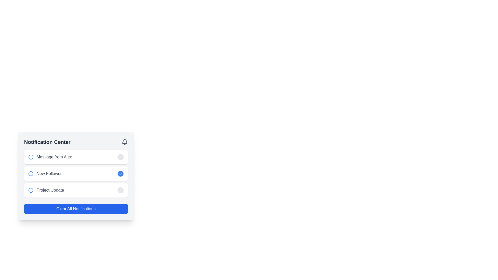 This screenshot has height=280, width=498. I want to click on the Text label summarizing the content of the first notification item, which is positioned to the left of a circular icon, so click(54, 157).